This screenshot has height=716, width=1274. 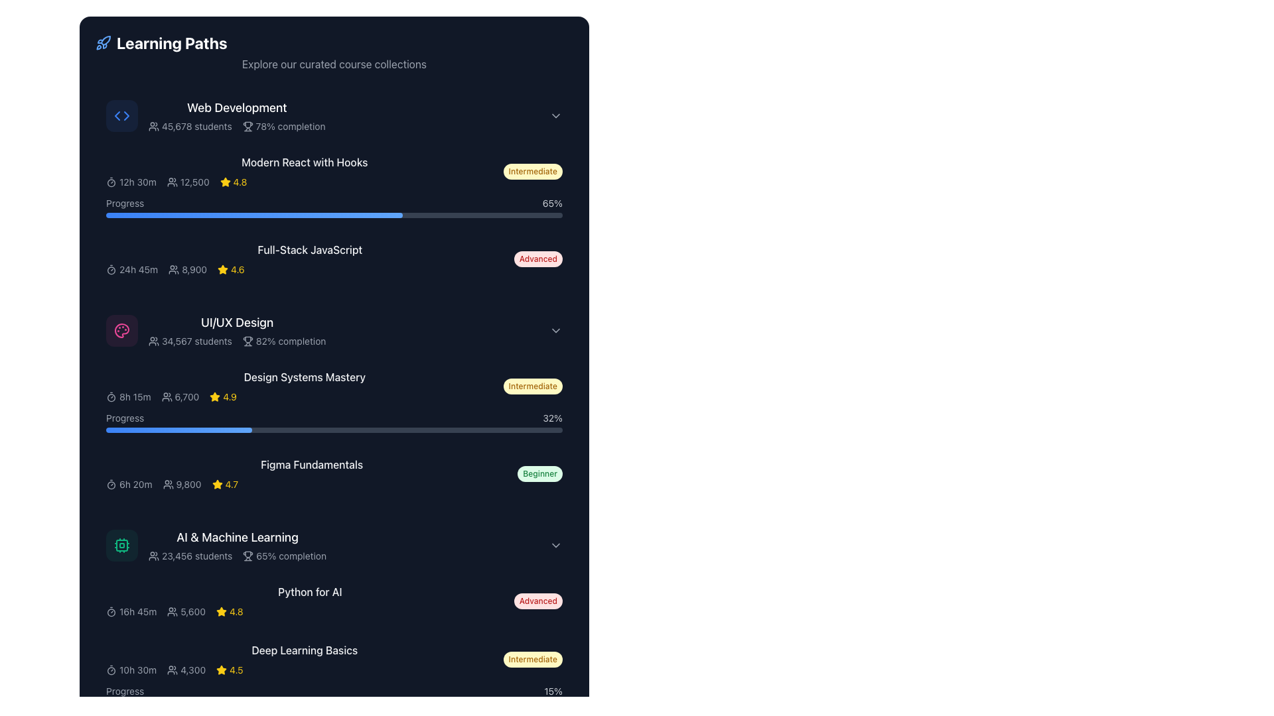 What do you see at coordinates (121, 115) in the screenshot?
I see `the blue angle bracket icon (</>) styled as an SVG graphic located at the top of the 'Web Development' section` at bounding box center [121, 115].